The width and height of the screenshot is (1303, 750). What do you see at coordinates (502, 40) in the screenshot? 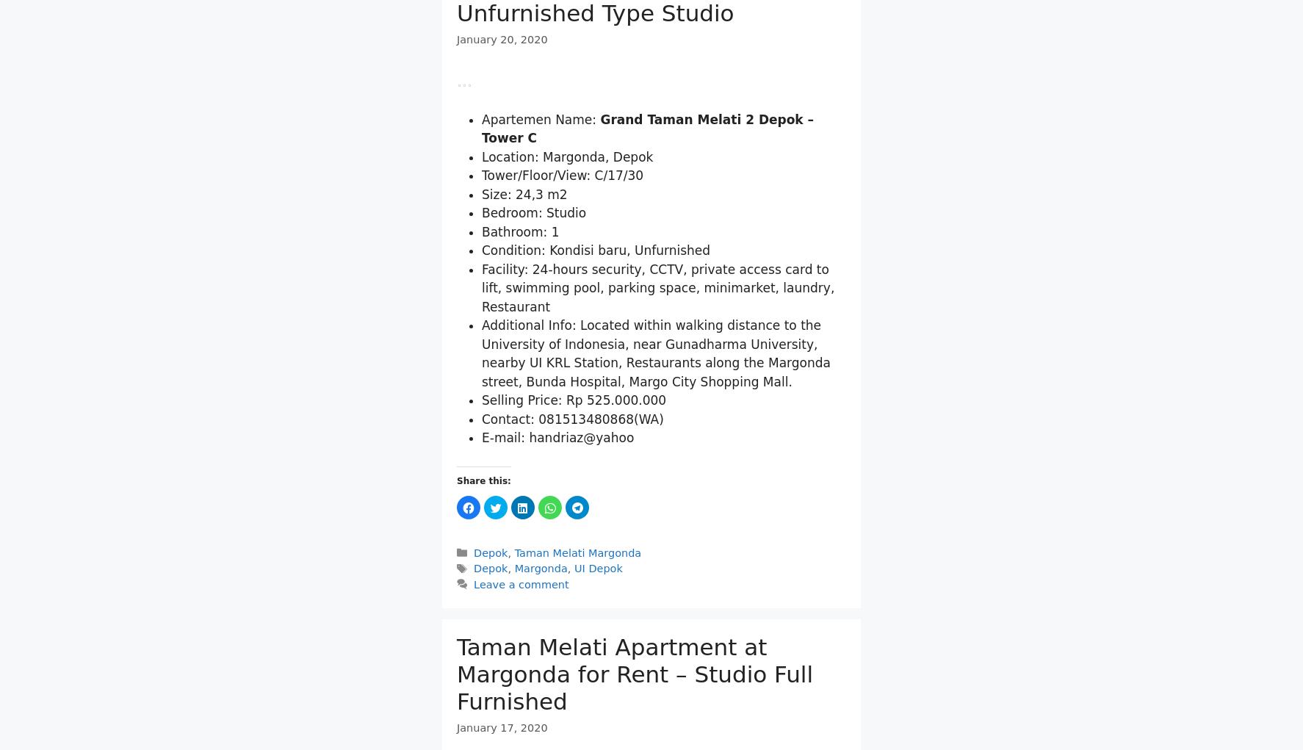
I see `'January 20, 2020'` at bounding box center [502, 40].